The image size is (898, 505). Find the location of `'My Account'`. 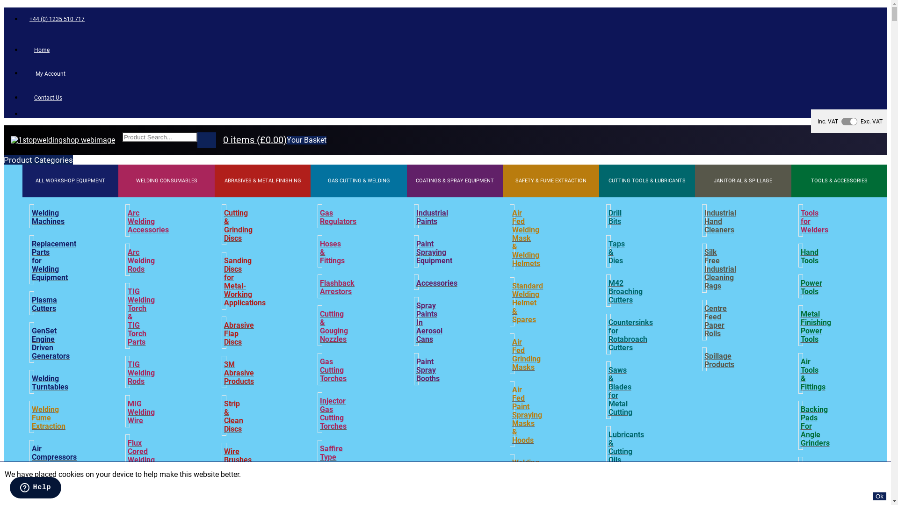

'My Account' is located at coordinates (22, 72).